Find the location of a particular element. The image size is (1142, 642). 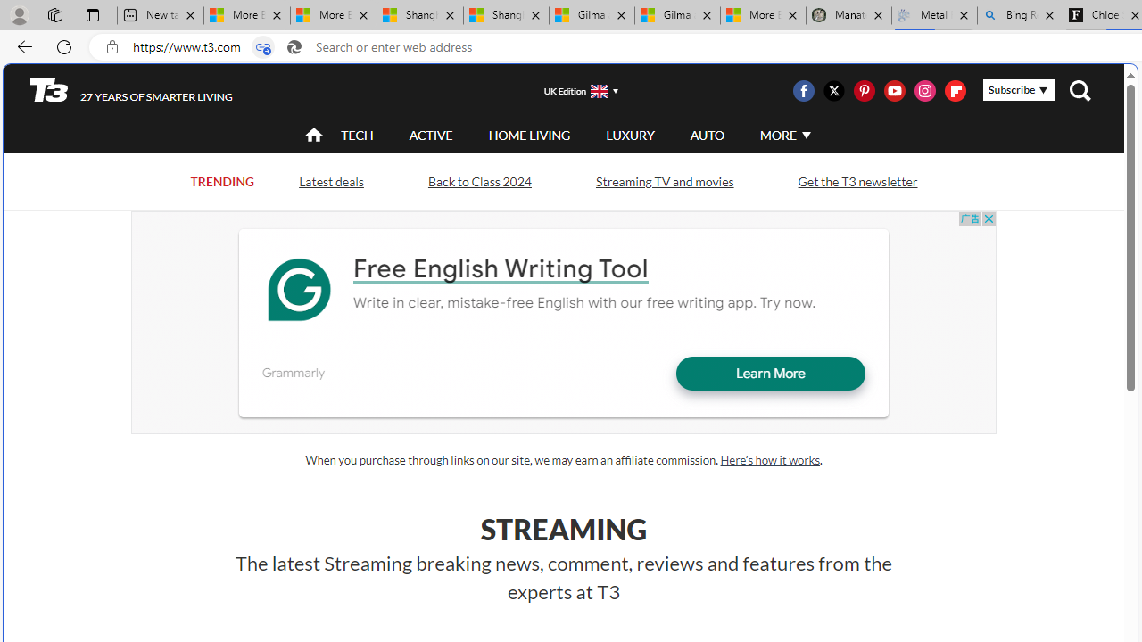

'T3' is located at coordinates (49, 89).